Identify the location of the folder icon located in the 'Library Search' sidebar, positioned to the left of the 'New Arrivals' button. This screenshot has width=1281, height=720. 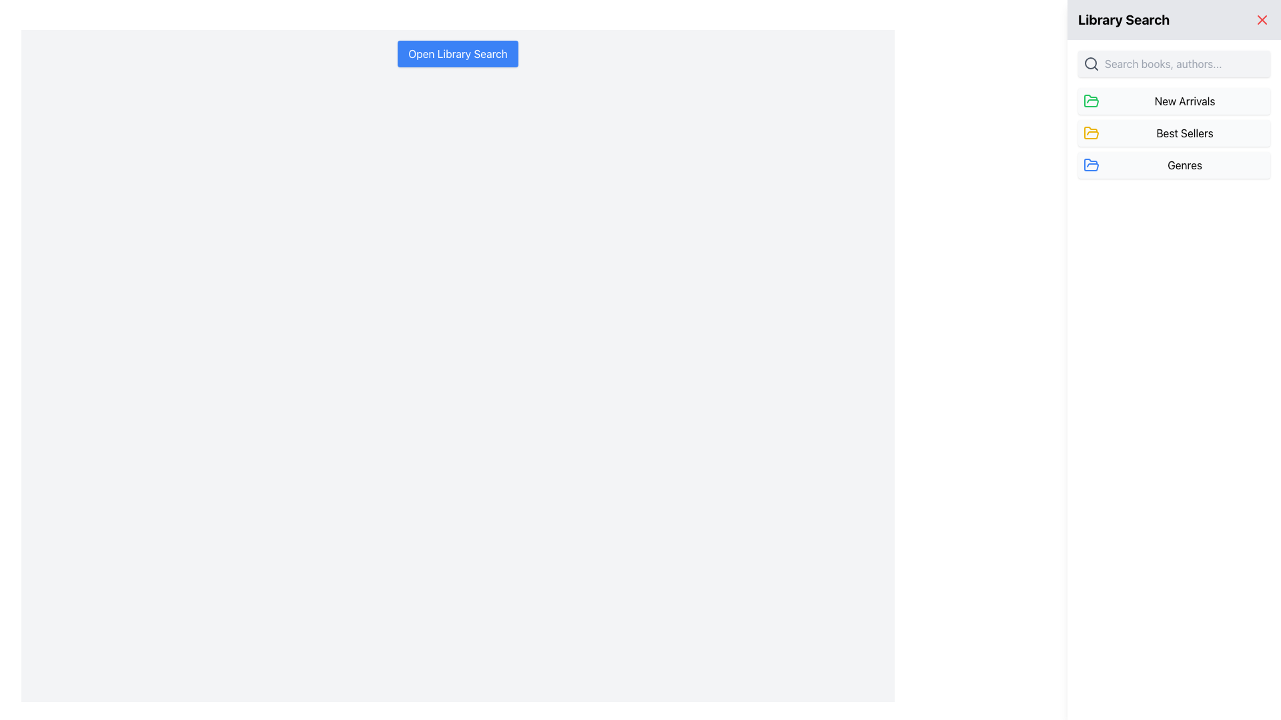
(1092, 164).